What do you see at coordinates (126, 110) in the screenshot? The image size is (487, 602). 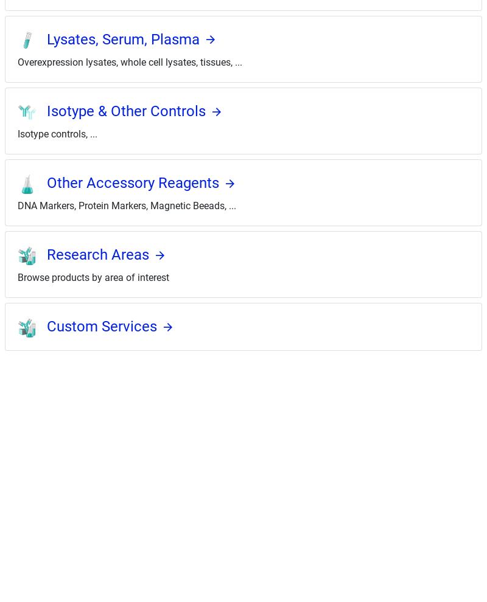 I see `'Isotype & Other Controls'` at bounding box center [126, 110].